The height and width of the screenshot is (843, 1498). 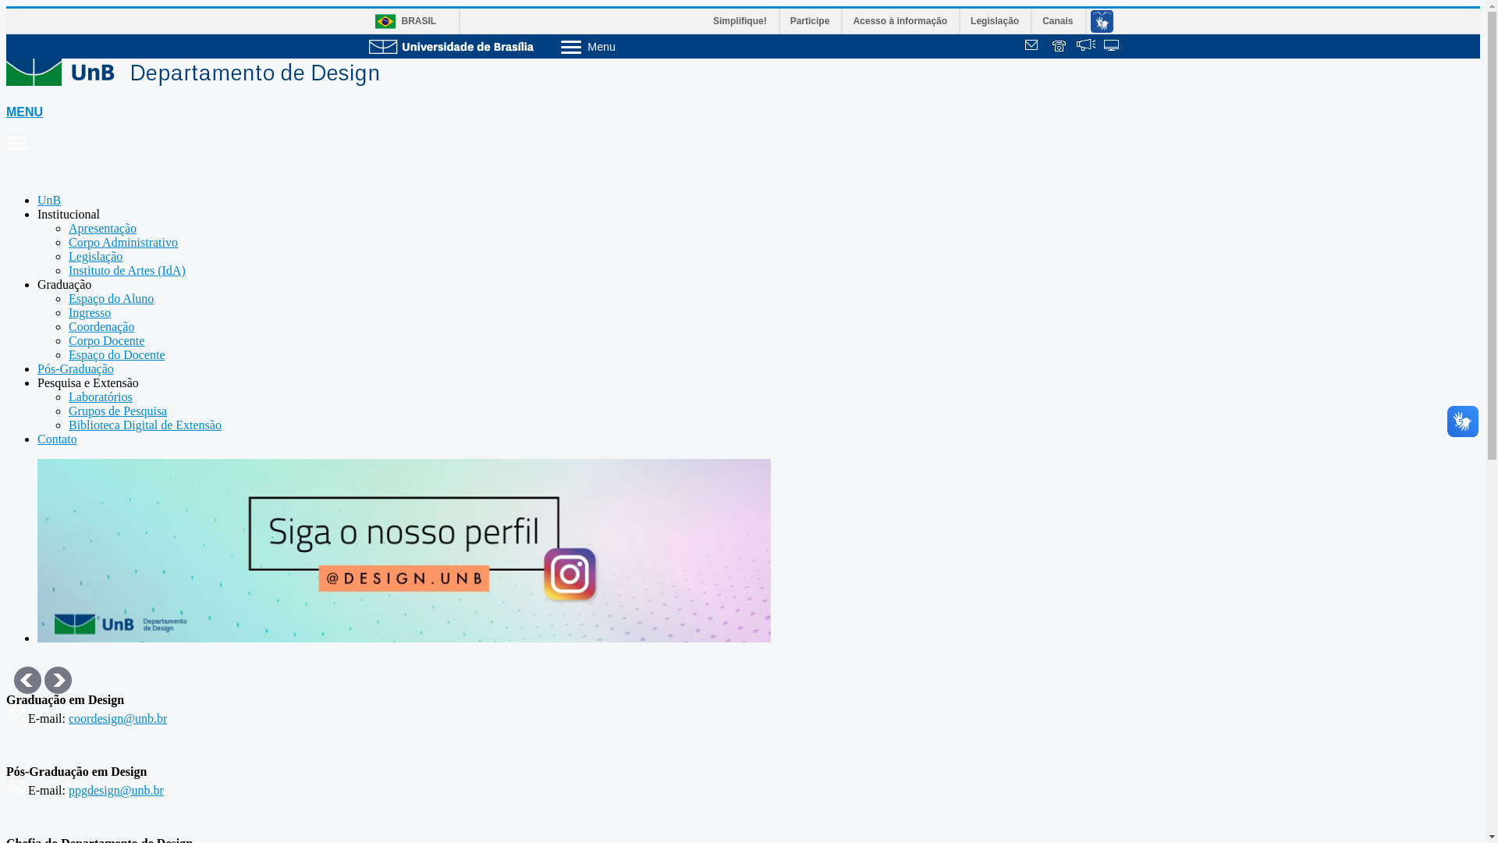 I want to click on 'Grupos de Pesquisa', so click(x=116, y=410).